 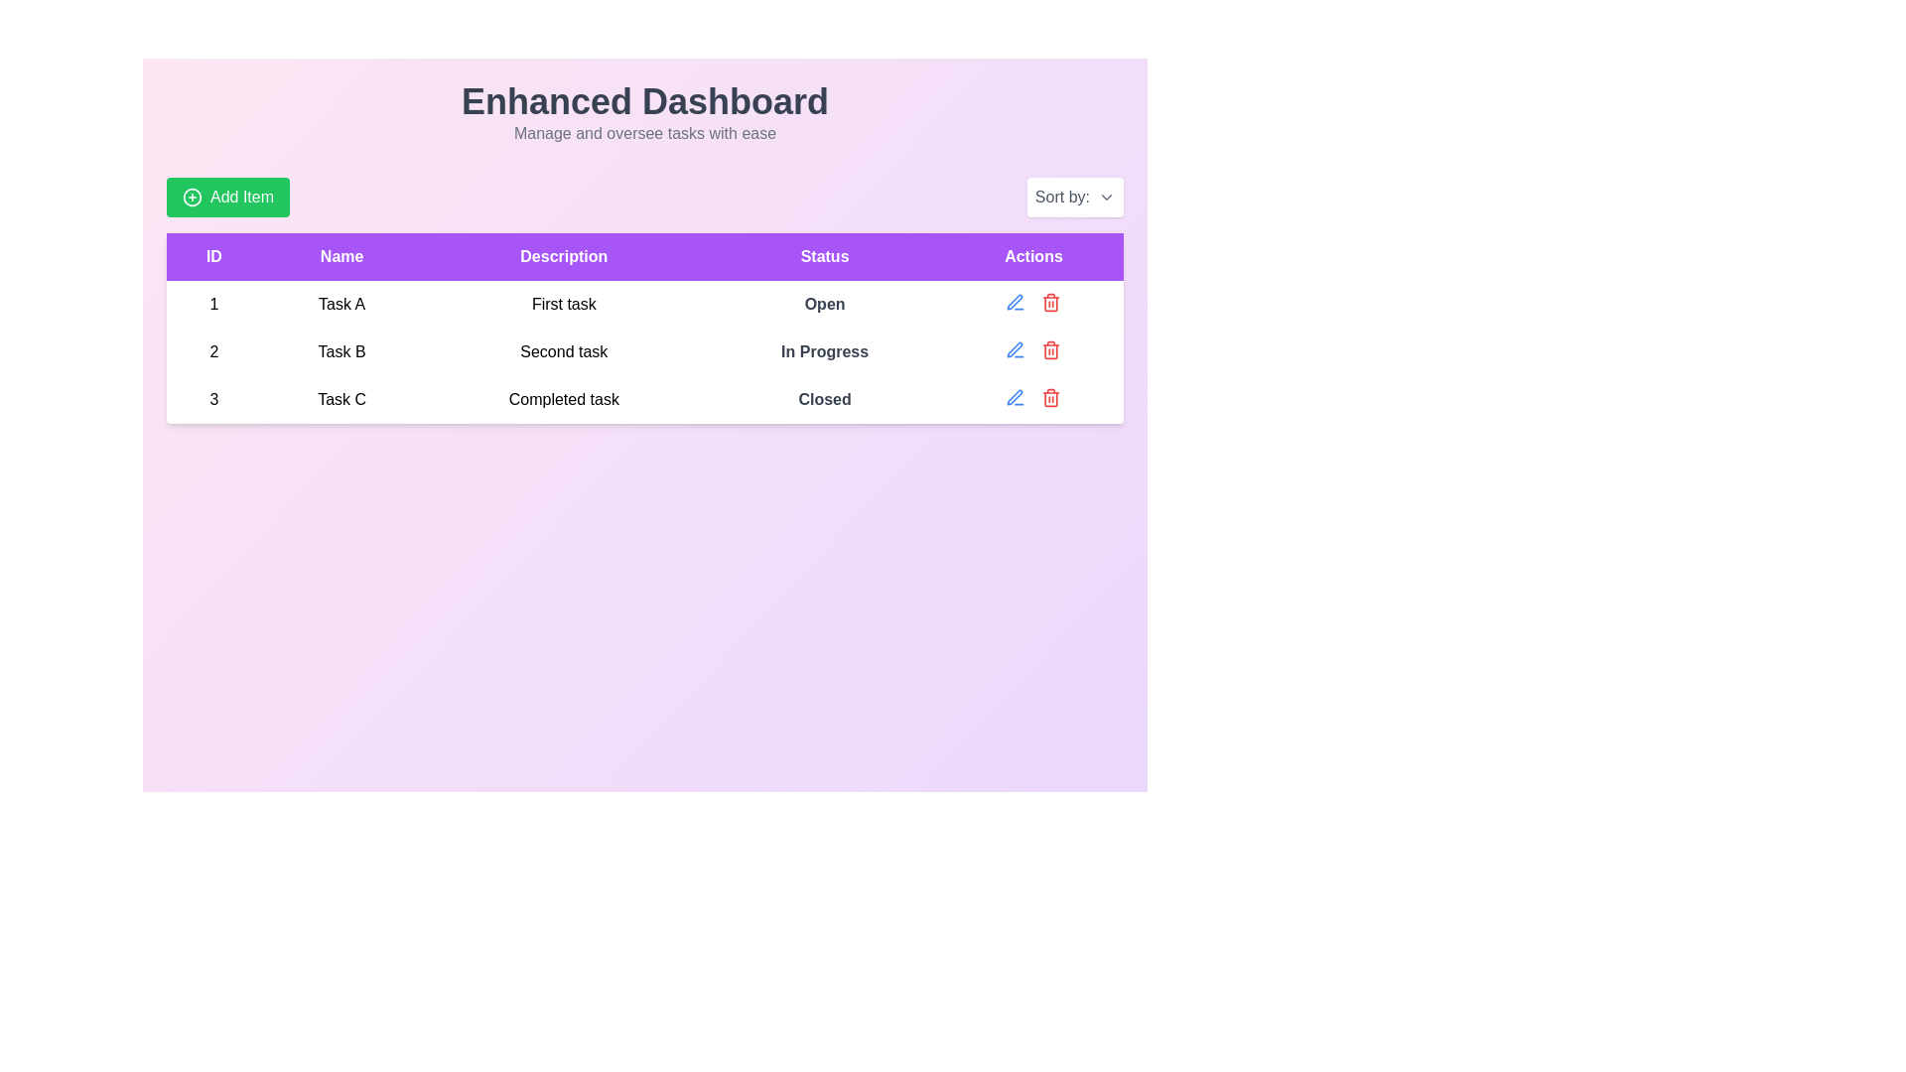 What do you see at coordinates (1050, 302) in the screenshot?
I see `the red trashcan icon button located in the Actions column of the second icon in the third row of the table` at bounding box center [1050, 302].